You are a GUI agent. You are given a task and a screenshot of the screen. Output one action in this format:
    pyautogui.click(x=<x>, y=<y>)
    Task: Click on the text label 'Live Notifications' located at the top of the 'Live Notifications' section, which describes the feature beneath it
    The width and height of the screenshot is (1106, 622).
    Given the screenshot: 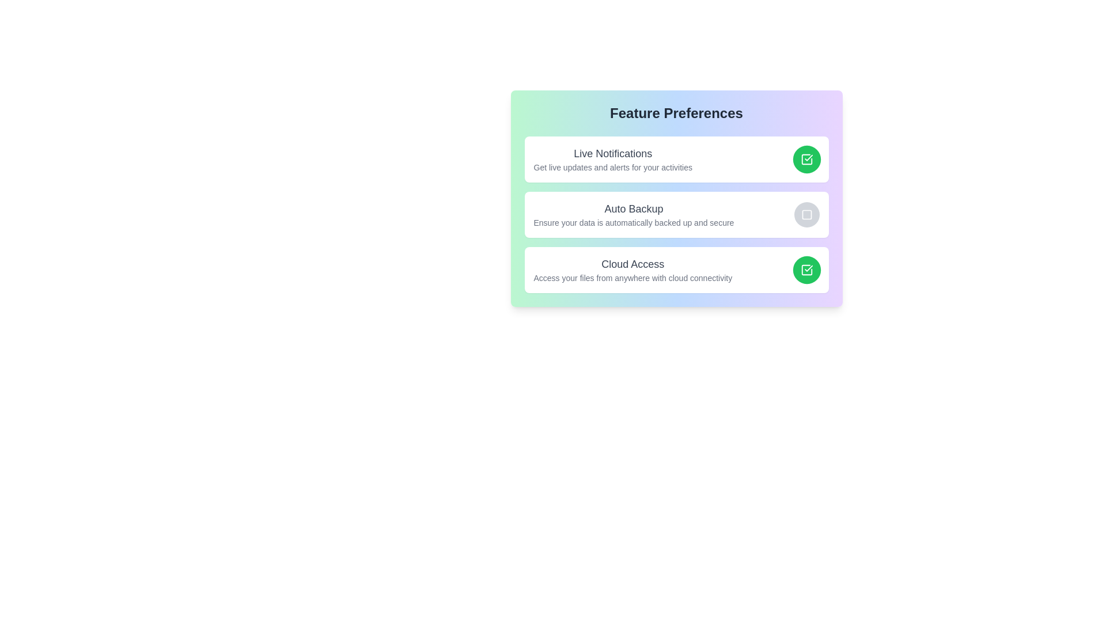 What is the action you would take?
    pyautogui.click(x=612, y=153)
    